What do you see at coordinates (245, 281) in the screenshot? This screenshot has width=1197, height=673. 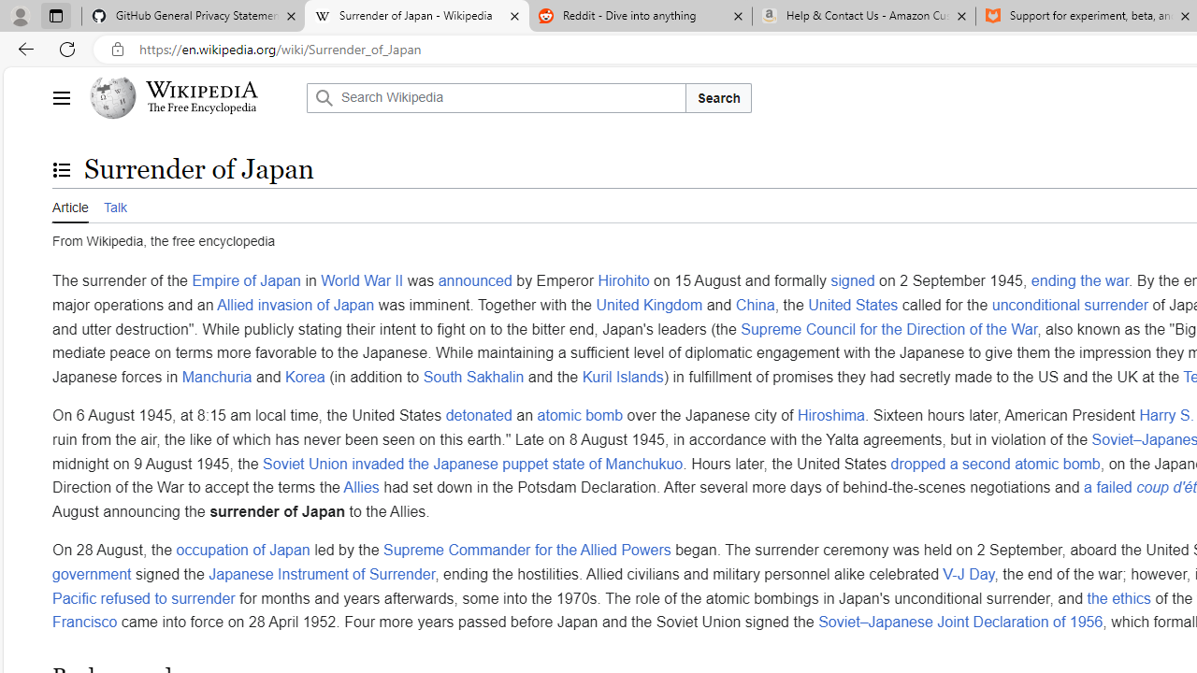 I see `'Empire of Japan'` at bounding box center [245, 281].